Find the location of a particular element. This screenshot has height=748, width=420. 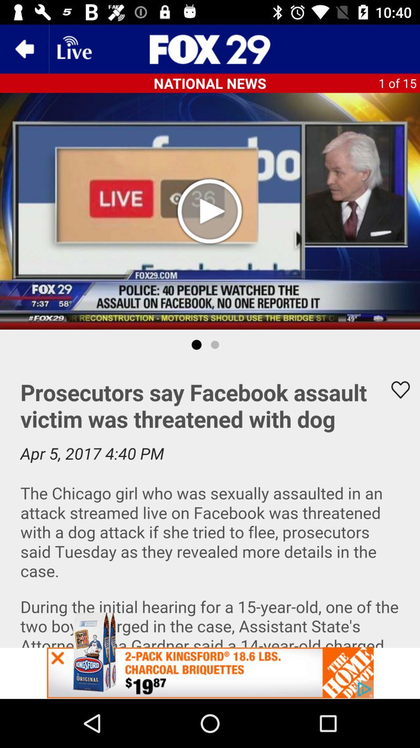

the arrow_backward icon is located at coordinates (24, 48).